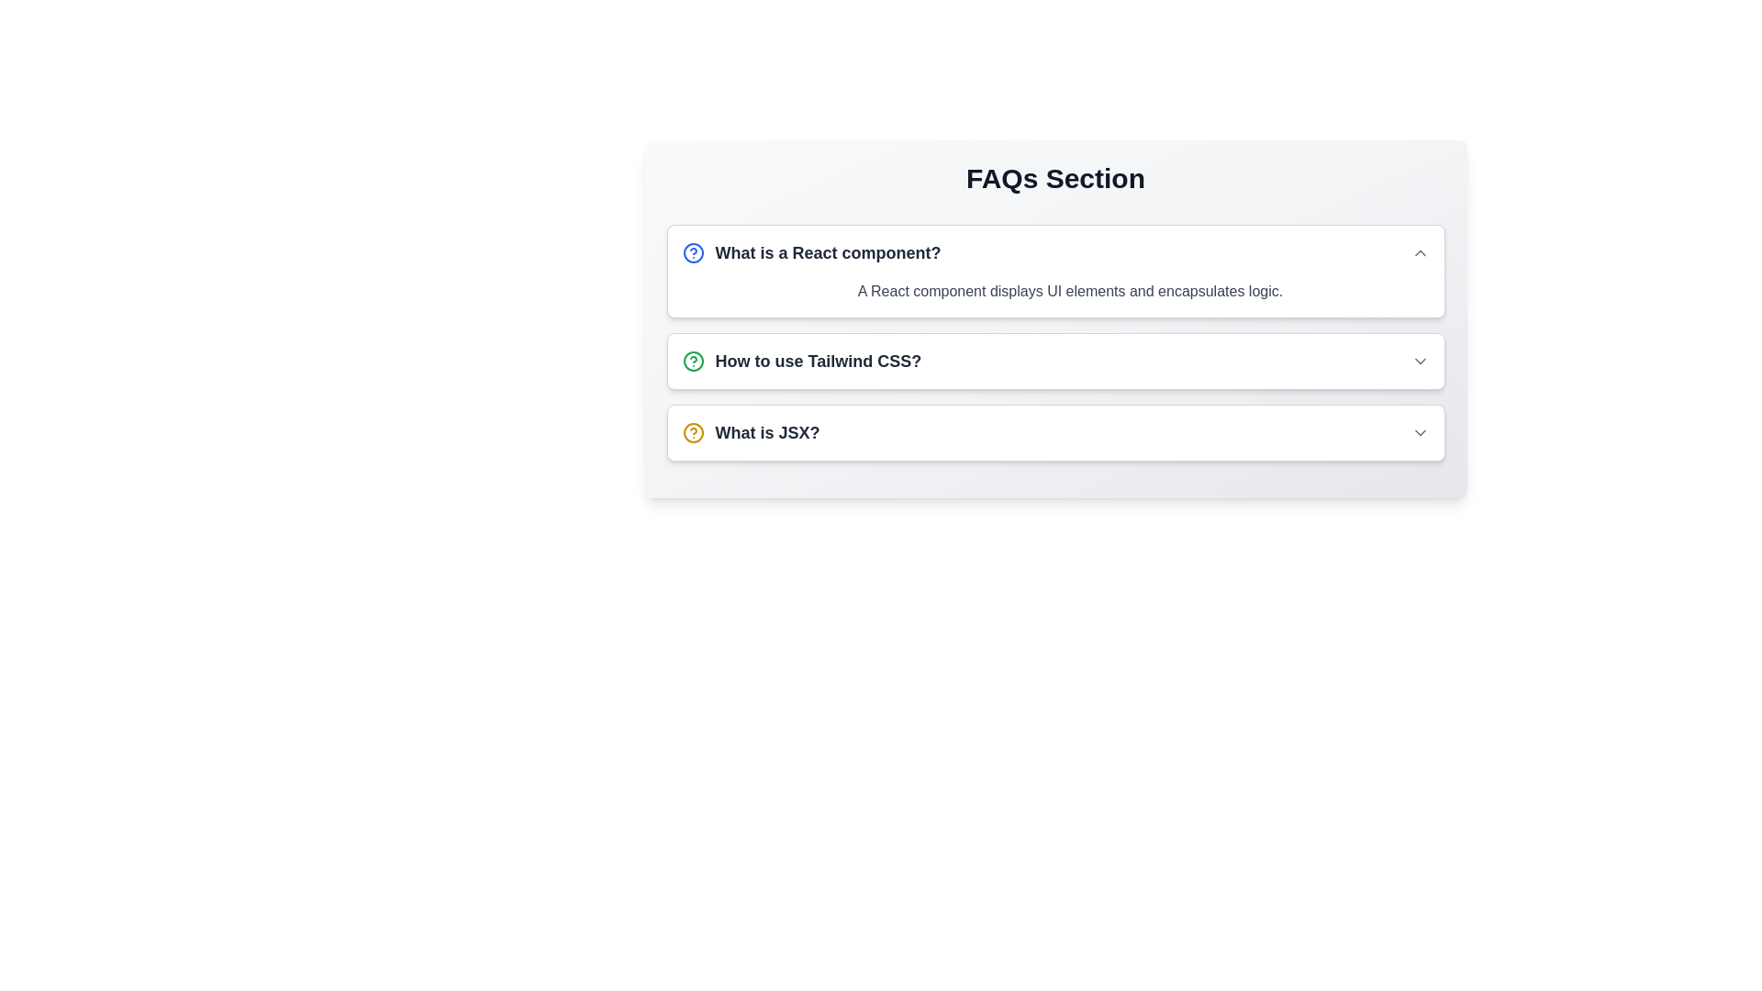  I want to click on the green circular outline SVG element, which is part of an icon located to the left of the text 'What is a React component?' in the FAQ section, so click(692, 361).